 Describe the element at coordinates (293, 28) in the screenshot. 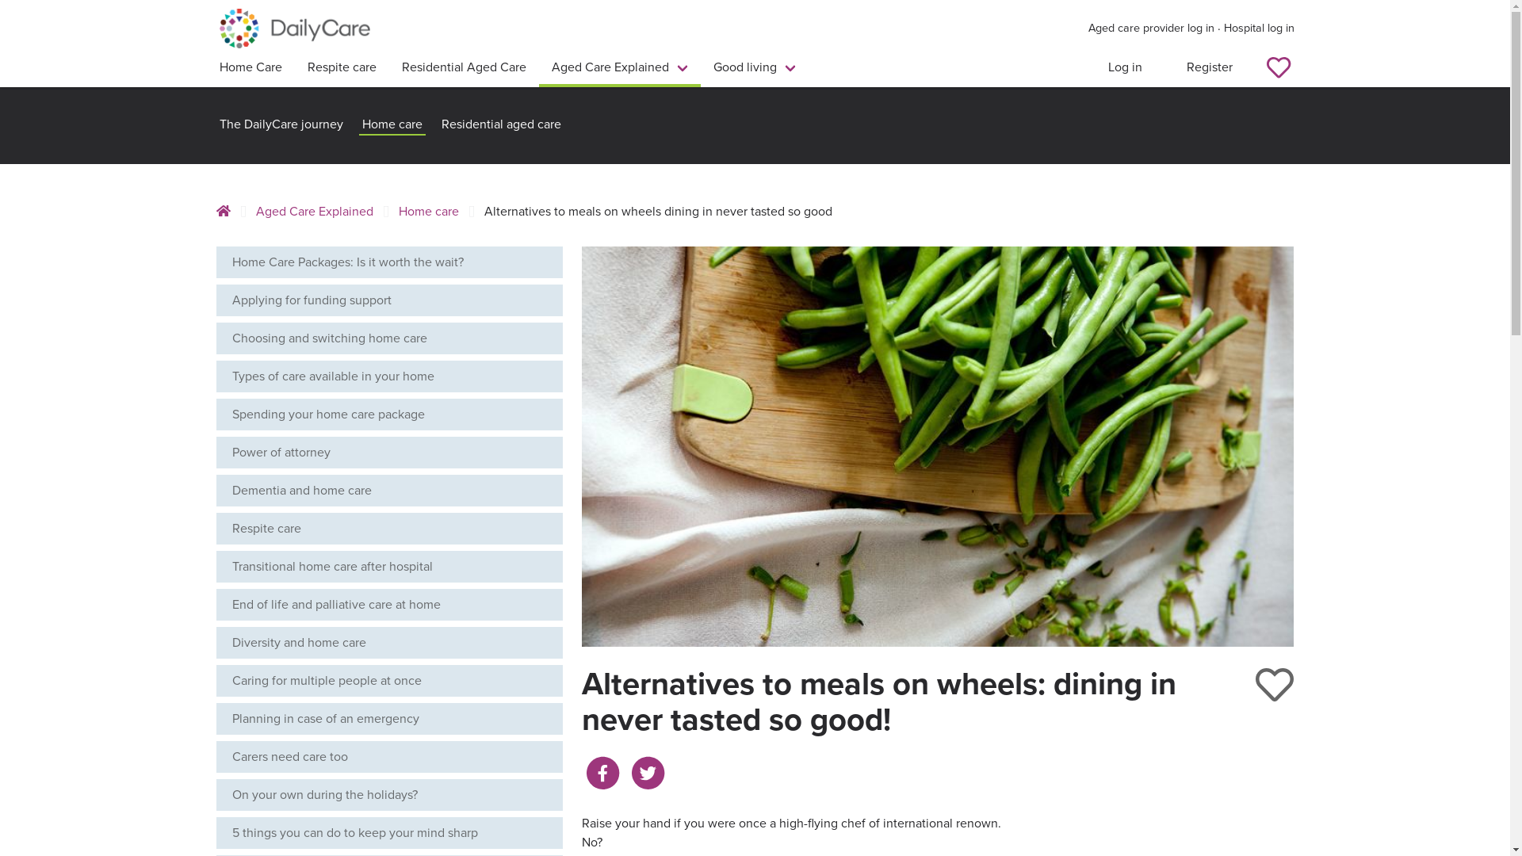

I see `'DailyCare'` at that location.